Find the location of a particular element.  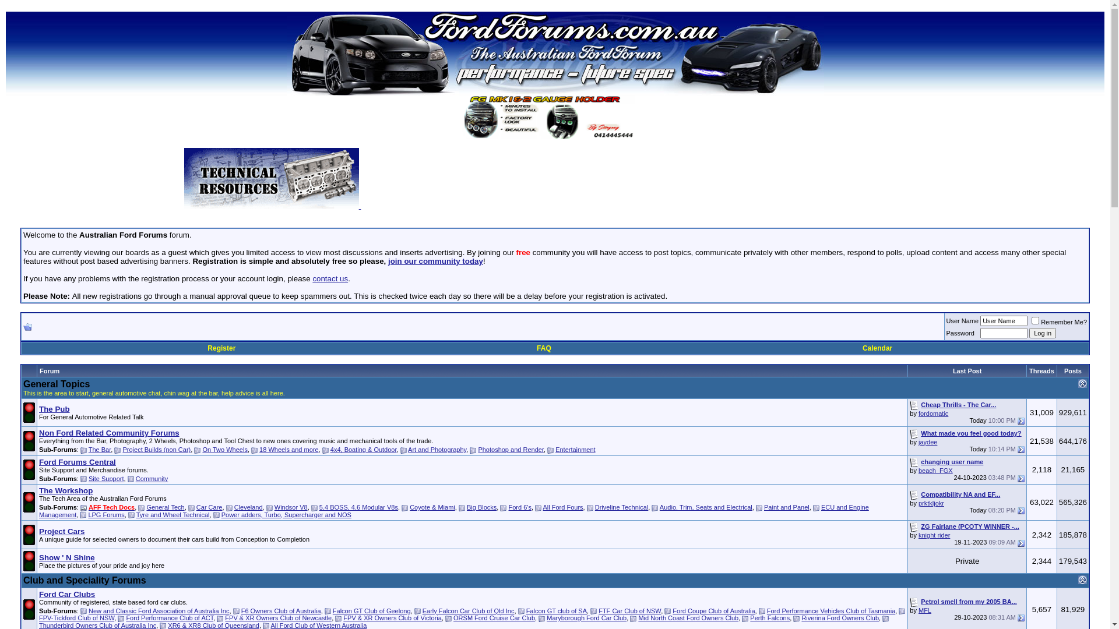

'Windsor V8' is located at coordinates (273, 507).